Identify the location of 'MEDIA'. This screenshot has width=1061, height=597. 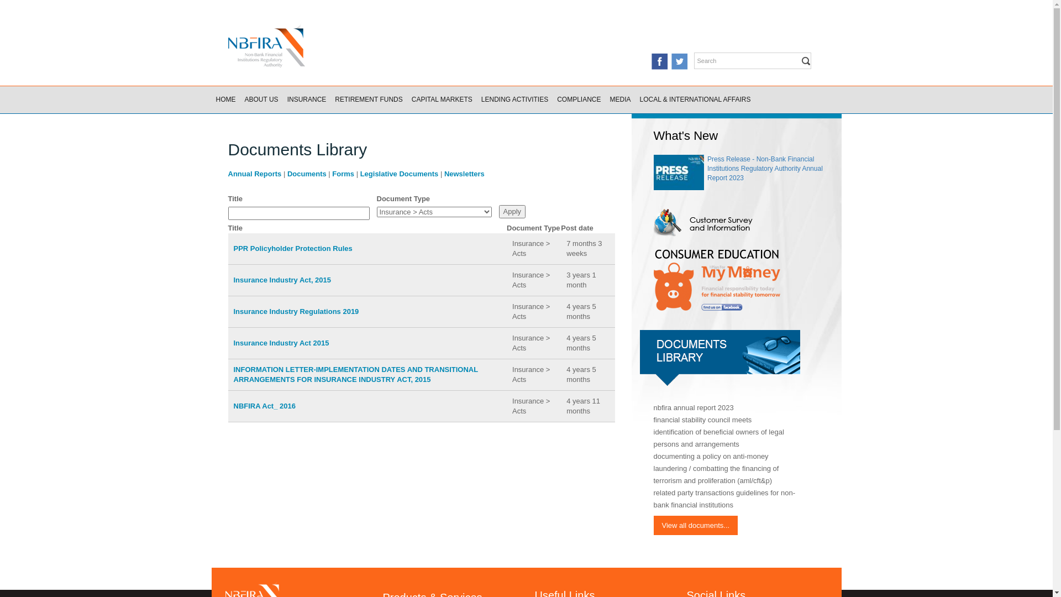
(621, 99).